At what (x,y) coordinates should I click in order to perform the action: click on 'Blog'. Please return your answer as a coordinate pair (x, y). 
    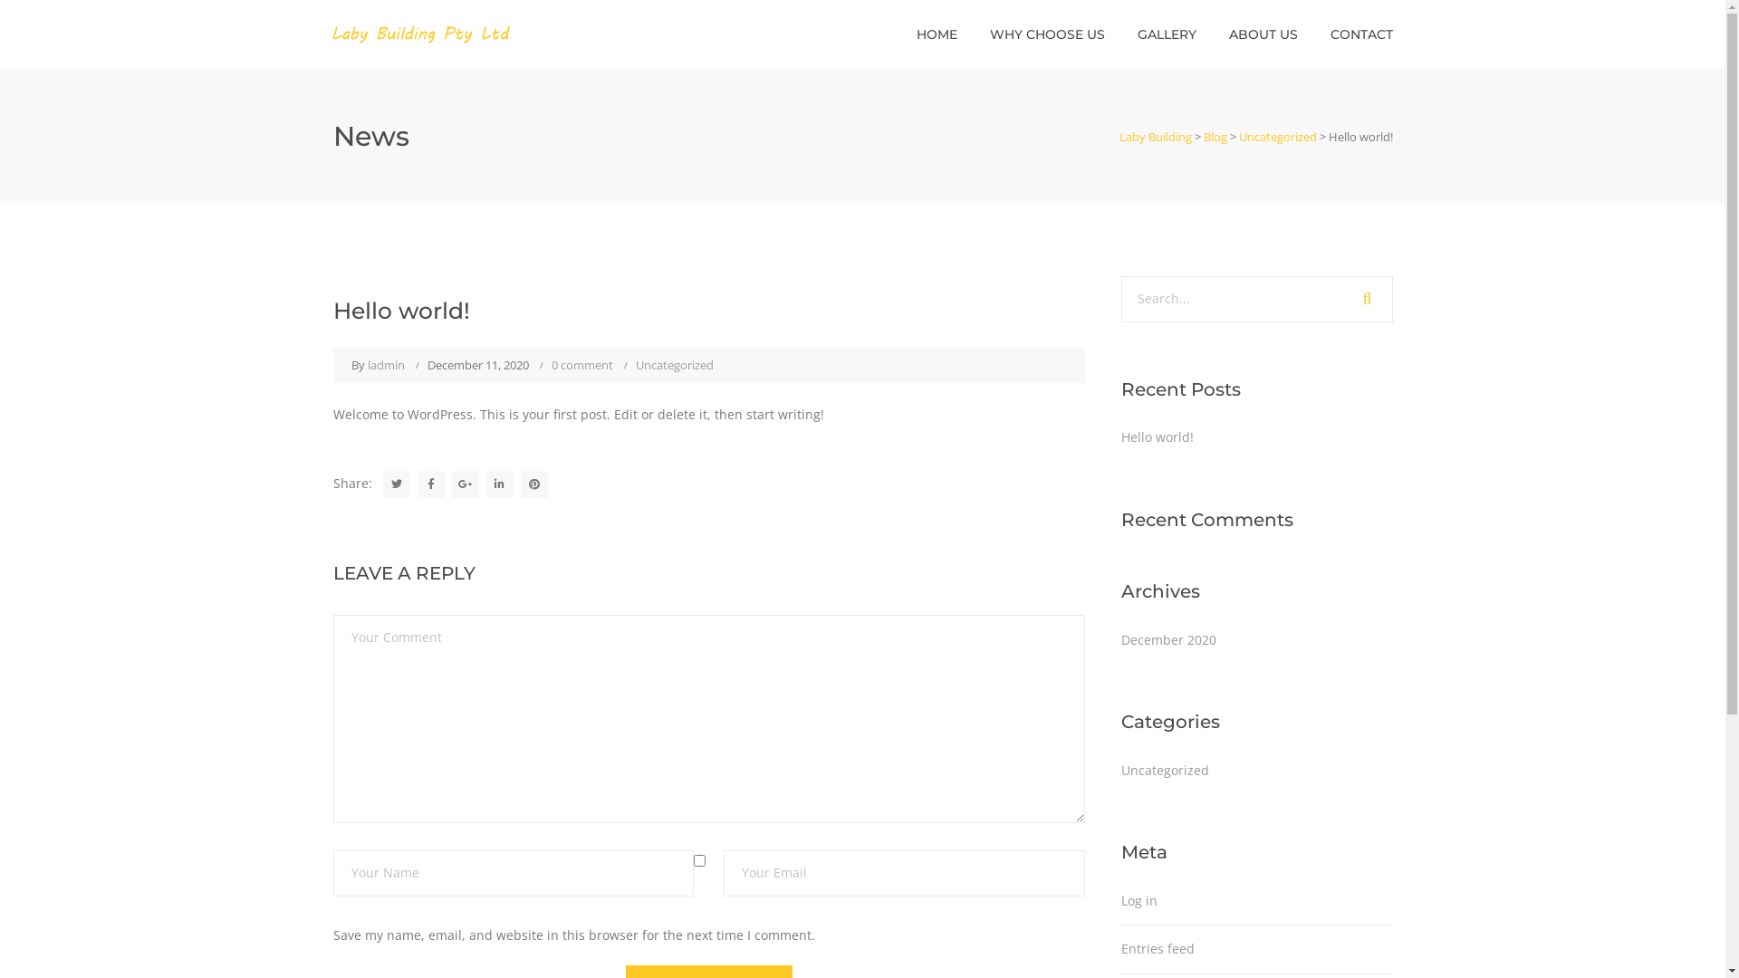
    Looking at the image, I should click on (1214, 135).